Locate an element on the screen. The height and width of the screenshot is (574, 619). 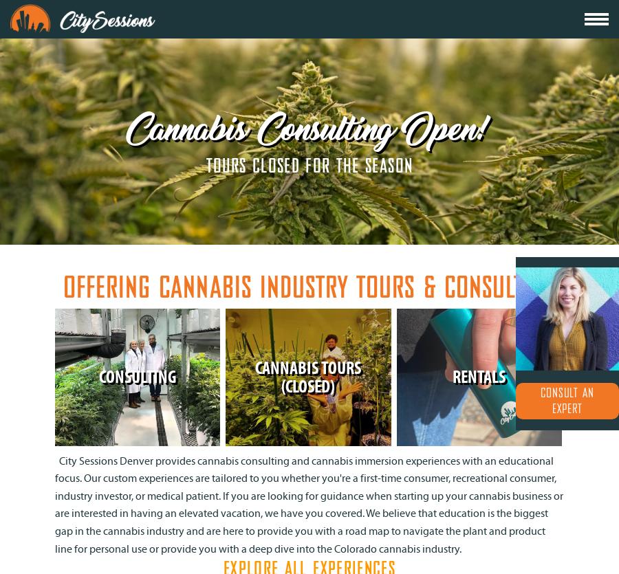
'EXPERIENCES' is located at coordinates (180, 33).